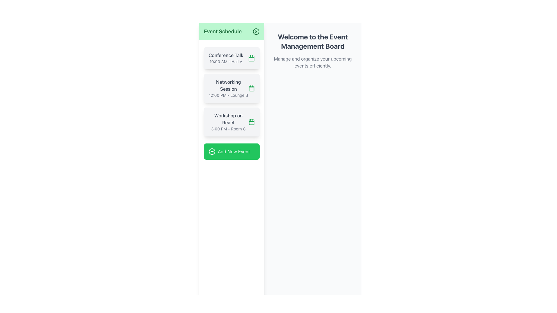  I want to click on the 'Conference Talk' text display element, which shows '10:00 AM - Hall A' below it, located in the first card of the 'Event Schedule' section, so click(225, 58).